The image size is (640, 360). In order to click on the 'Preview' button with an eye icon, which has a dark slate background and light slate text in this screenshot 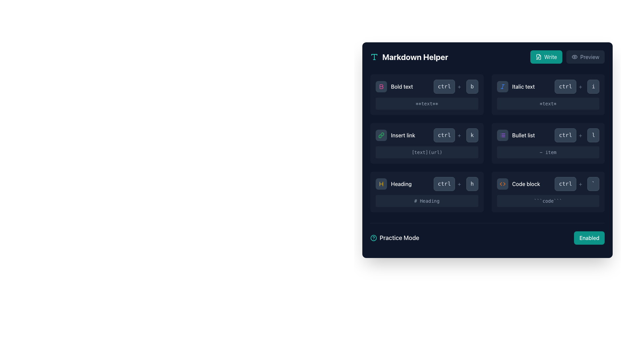, I will do `click(585, 56)`.